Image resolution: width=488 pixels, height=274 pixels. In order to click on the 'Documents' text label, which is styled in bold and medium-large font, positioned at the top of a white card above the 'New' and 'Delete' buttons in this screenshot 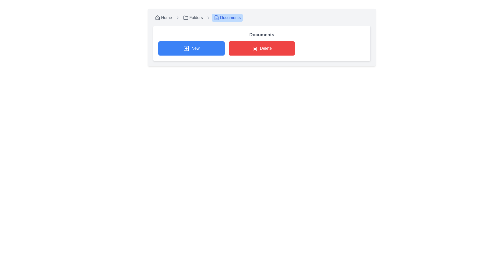, I will do `click(262, 35)`.